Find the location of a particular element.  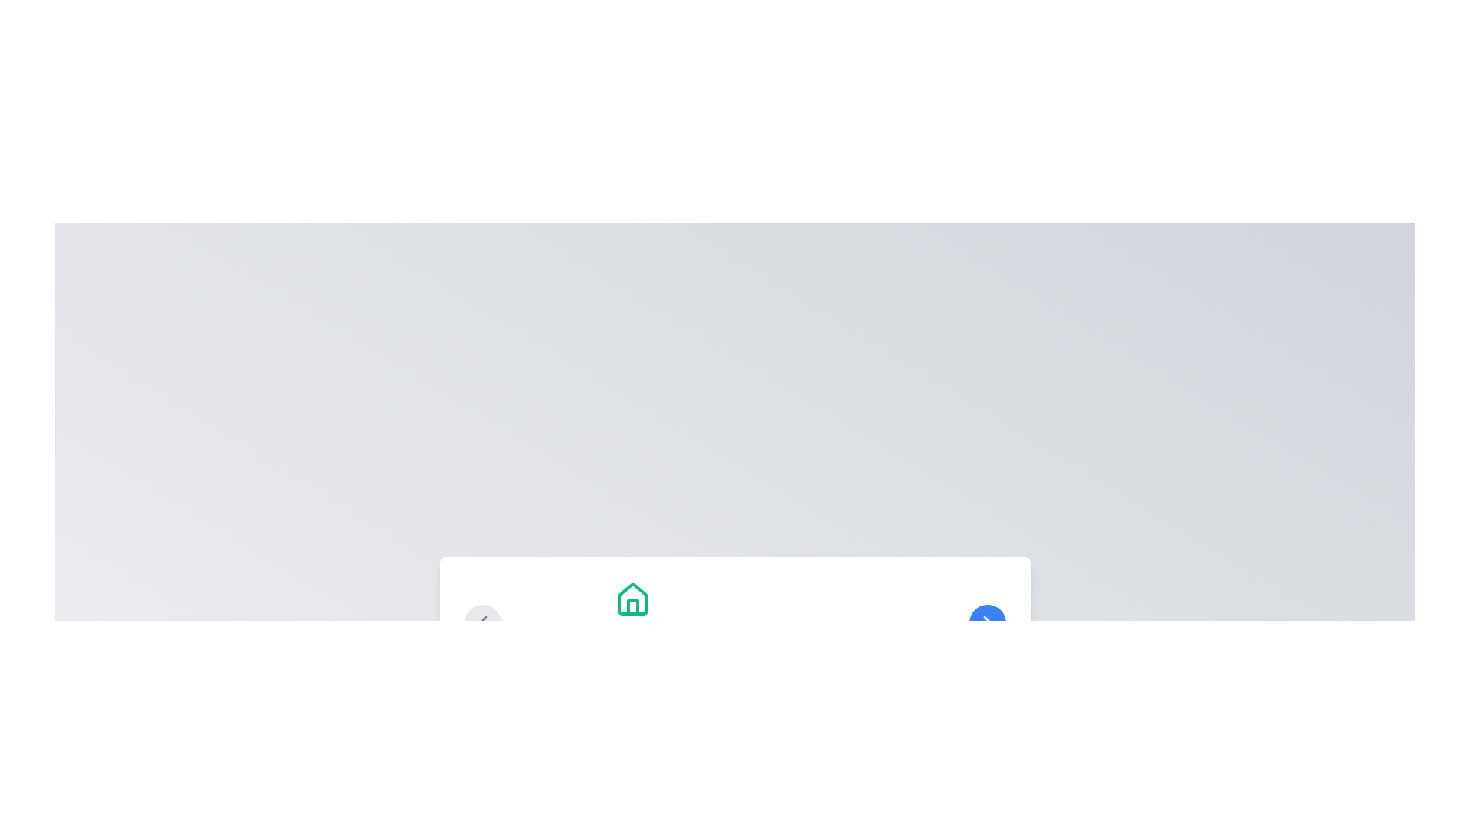

the right-facing arrow icon within the blue rounded button is located at coordinates (987, 623).